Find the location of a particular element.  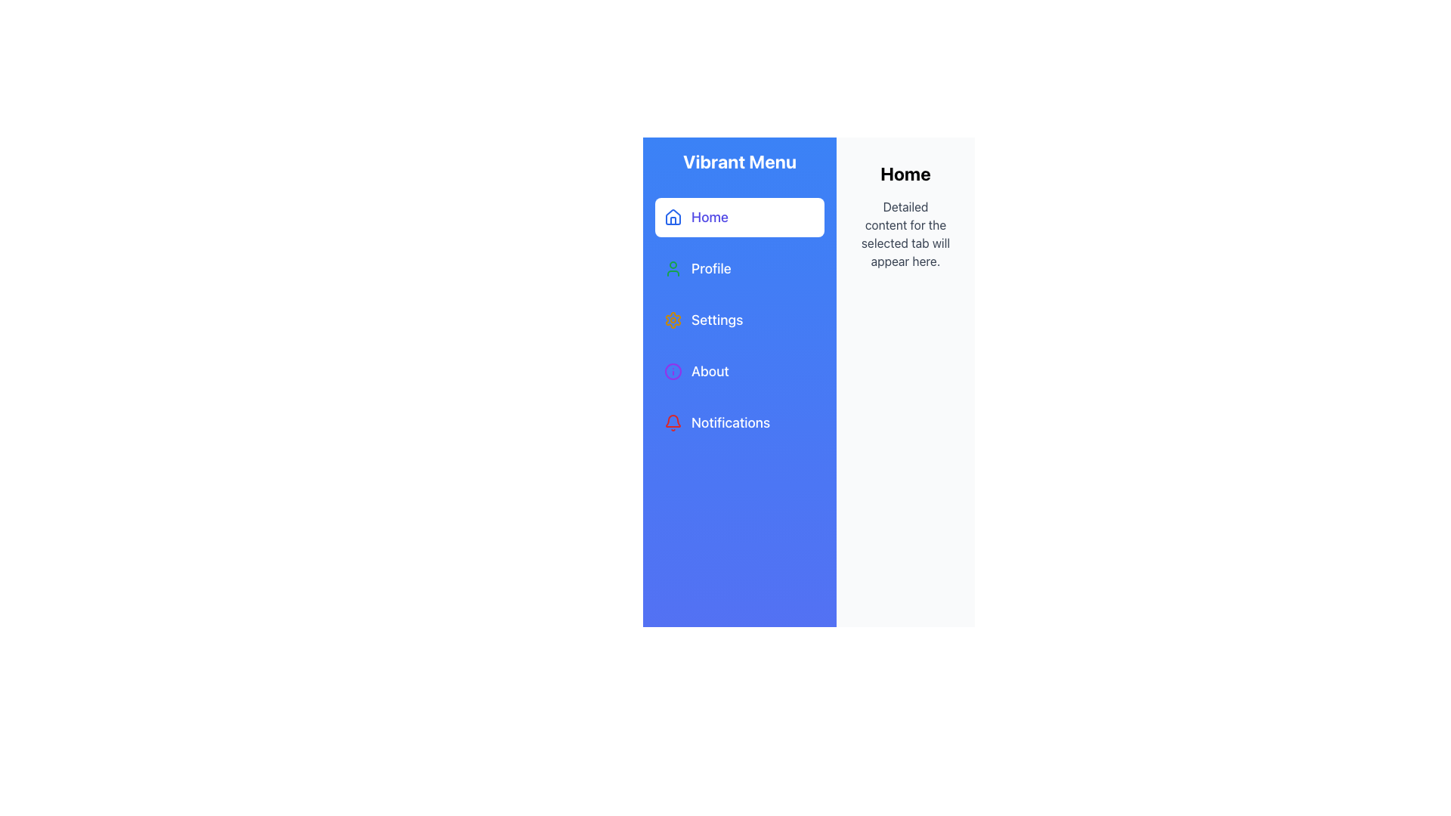

the bell icon located at the left-most position of the 'Notifications' list item in the blue sidebar menu, which indicates notifications is located at coordinates (673, 422).